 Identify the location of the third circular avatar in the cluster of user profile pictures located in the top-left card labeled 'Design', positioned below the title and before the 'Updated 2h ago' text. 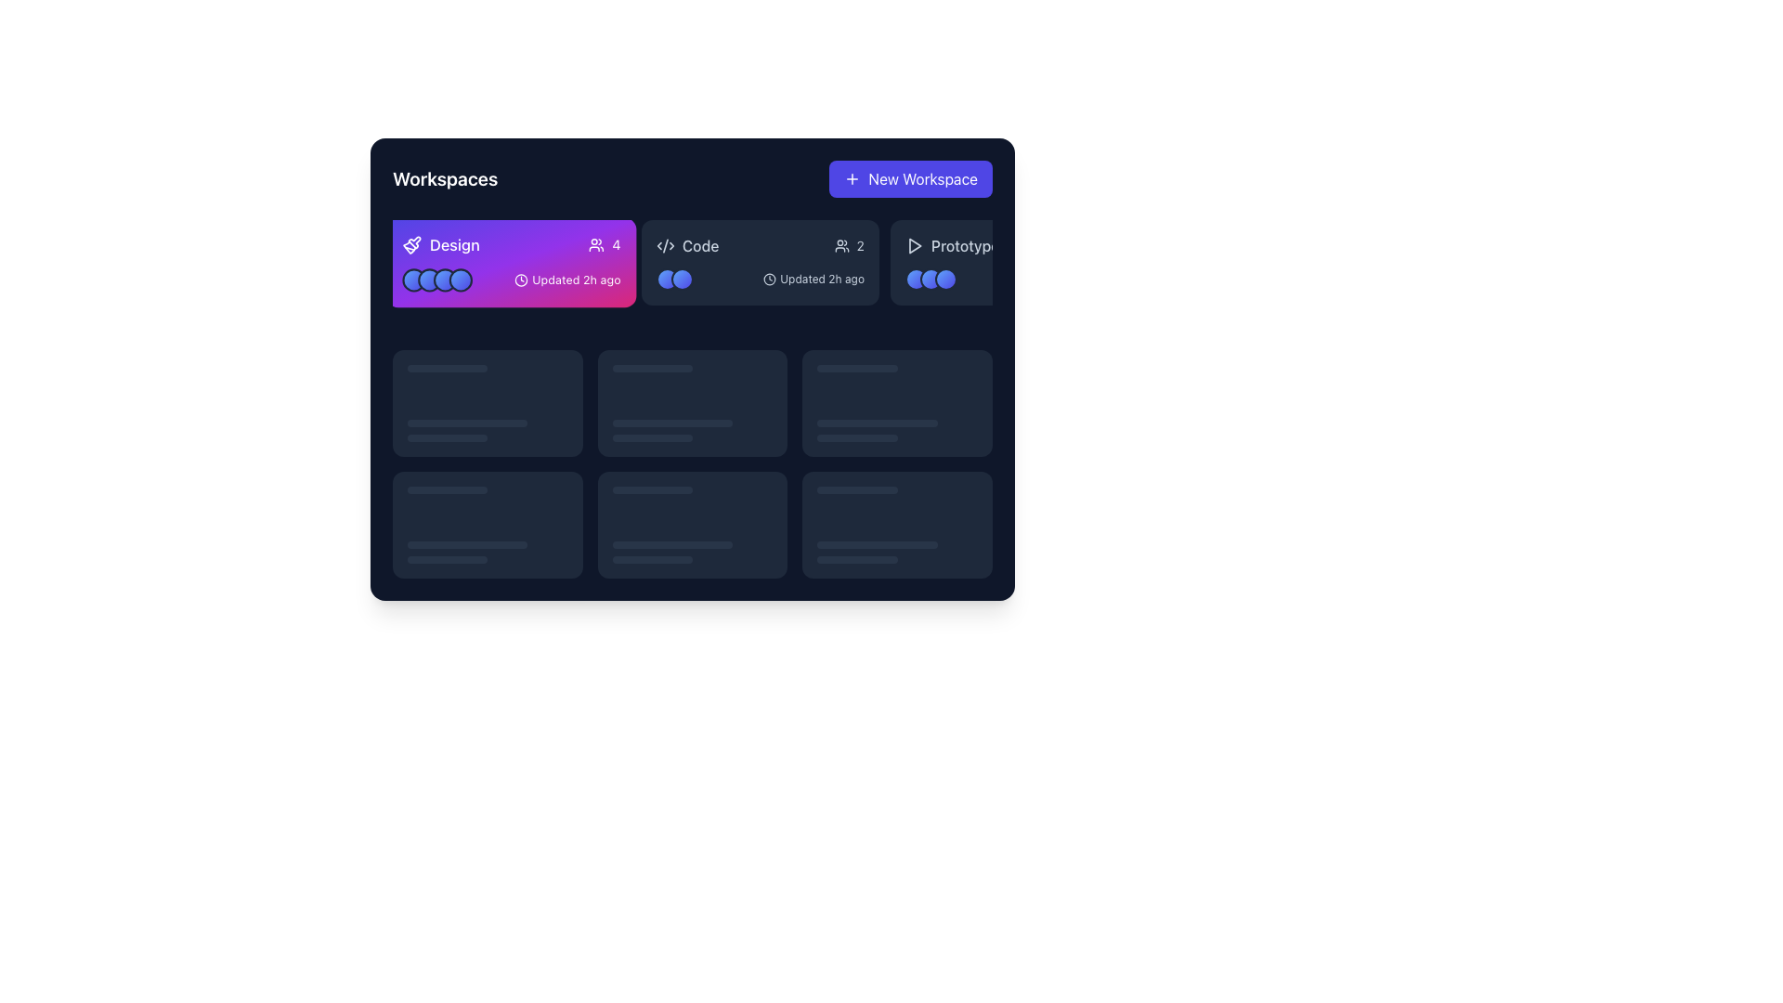
(436, 280).